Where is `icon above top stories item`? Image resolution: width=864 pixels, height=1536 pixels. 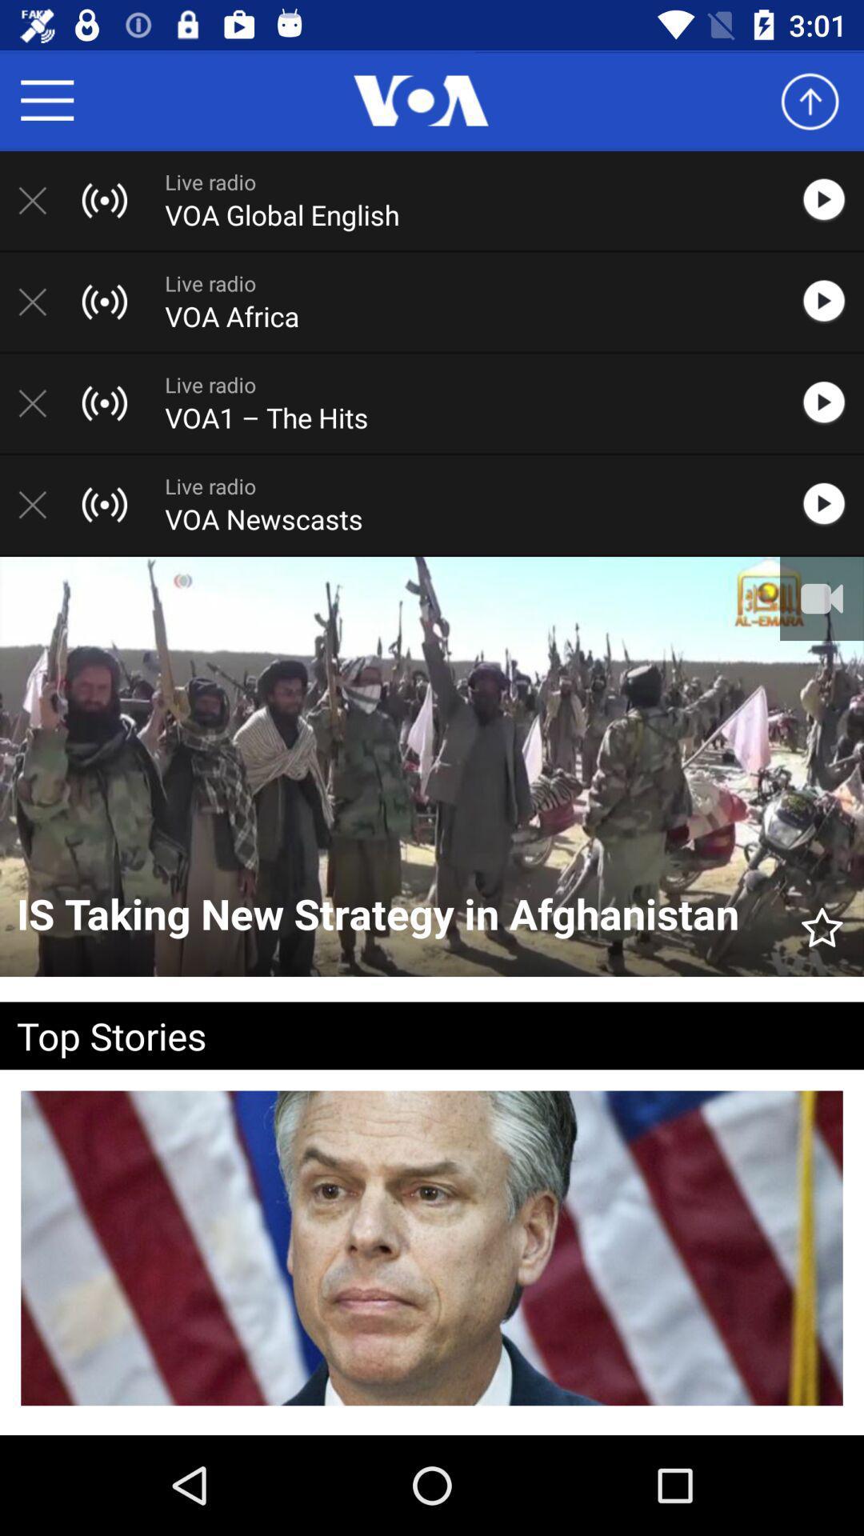
icon above top stories item is located at coordinates (822, 920).